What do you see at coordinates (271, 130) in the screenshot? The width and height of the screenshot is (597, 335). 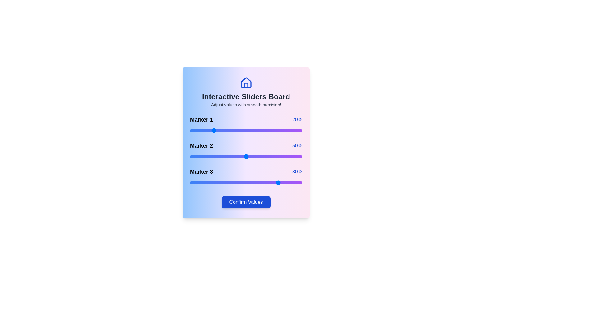 I see `the slider for Marker 1 to 72%` at bounding box center [271, 130].